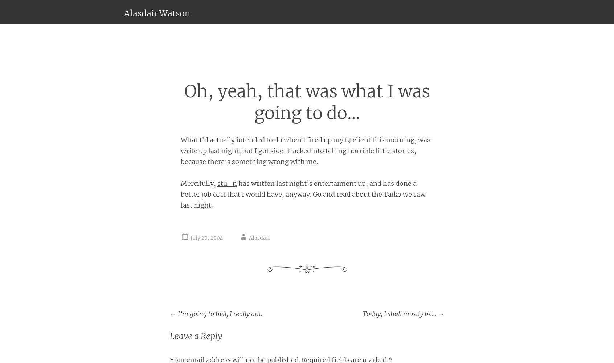  What do you see at coordinates (226, 183) in the screenshot?
I see `'stu_n'` at bounding box center [226, 183].